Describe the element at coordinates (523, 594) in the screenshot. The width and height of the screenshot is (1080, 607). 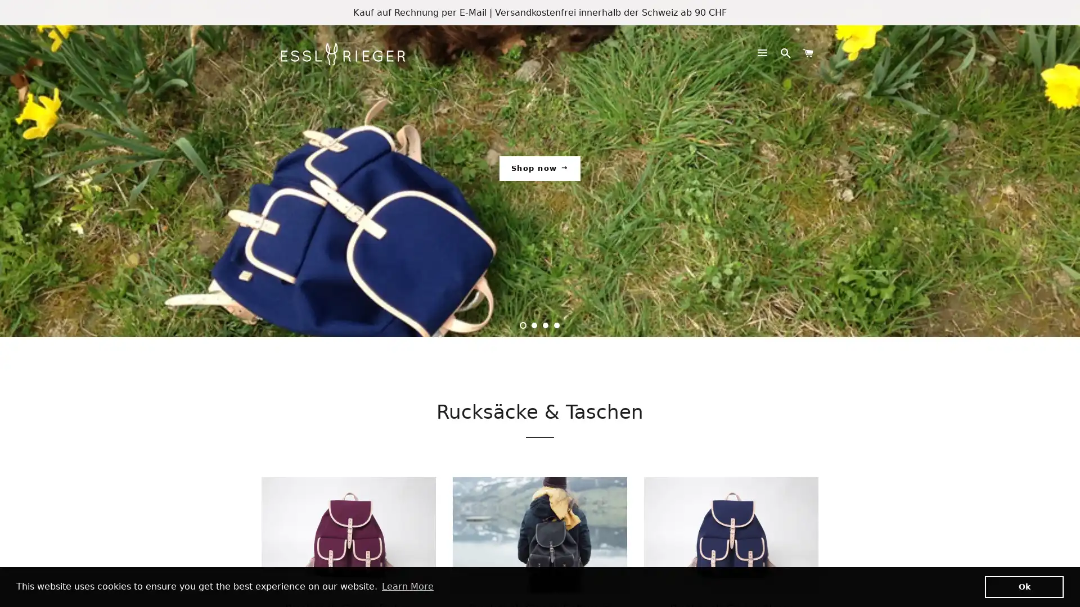
I see `1` at that location.